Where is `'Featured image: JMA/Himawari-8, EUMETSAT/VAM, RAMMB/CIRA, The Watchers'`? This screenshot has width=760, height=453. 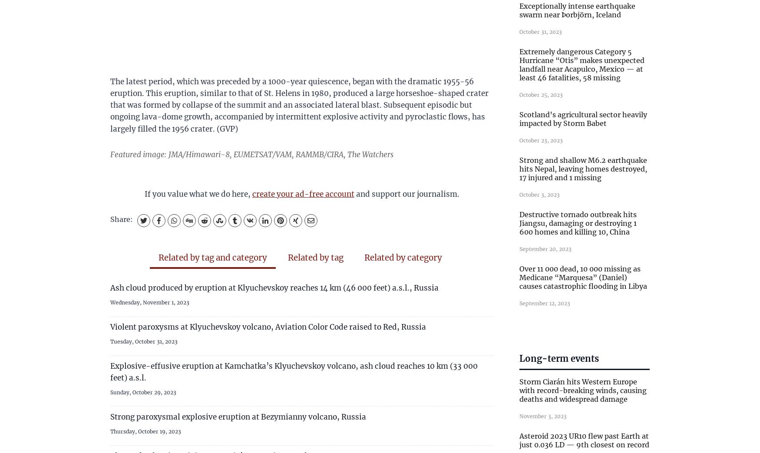
'Featured image: JMA/Himawari-8, EUMETSAT/VAM, RAMMB/CIRA, The Watchers' is located at coordinates (251, 154).